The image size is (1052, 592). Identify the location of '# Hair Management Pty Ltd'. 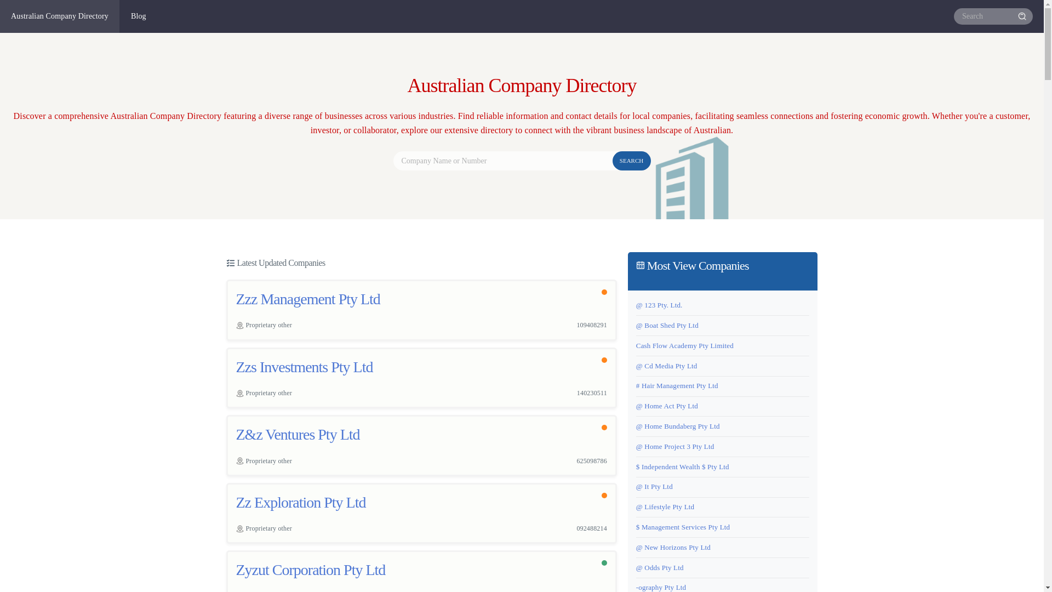
(636, 385).